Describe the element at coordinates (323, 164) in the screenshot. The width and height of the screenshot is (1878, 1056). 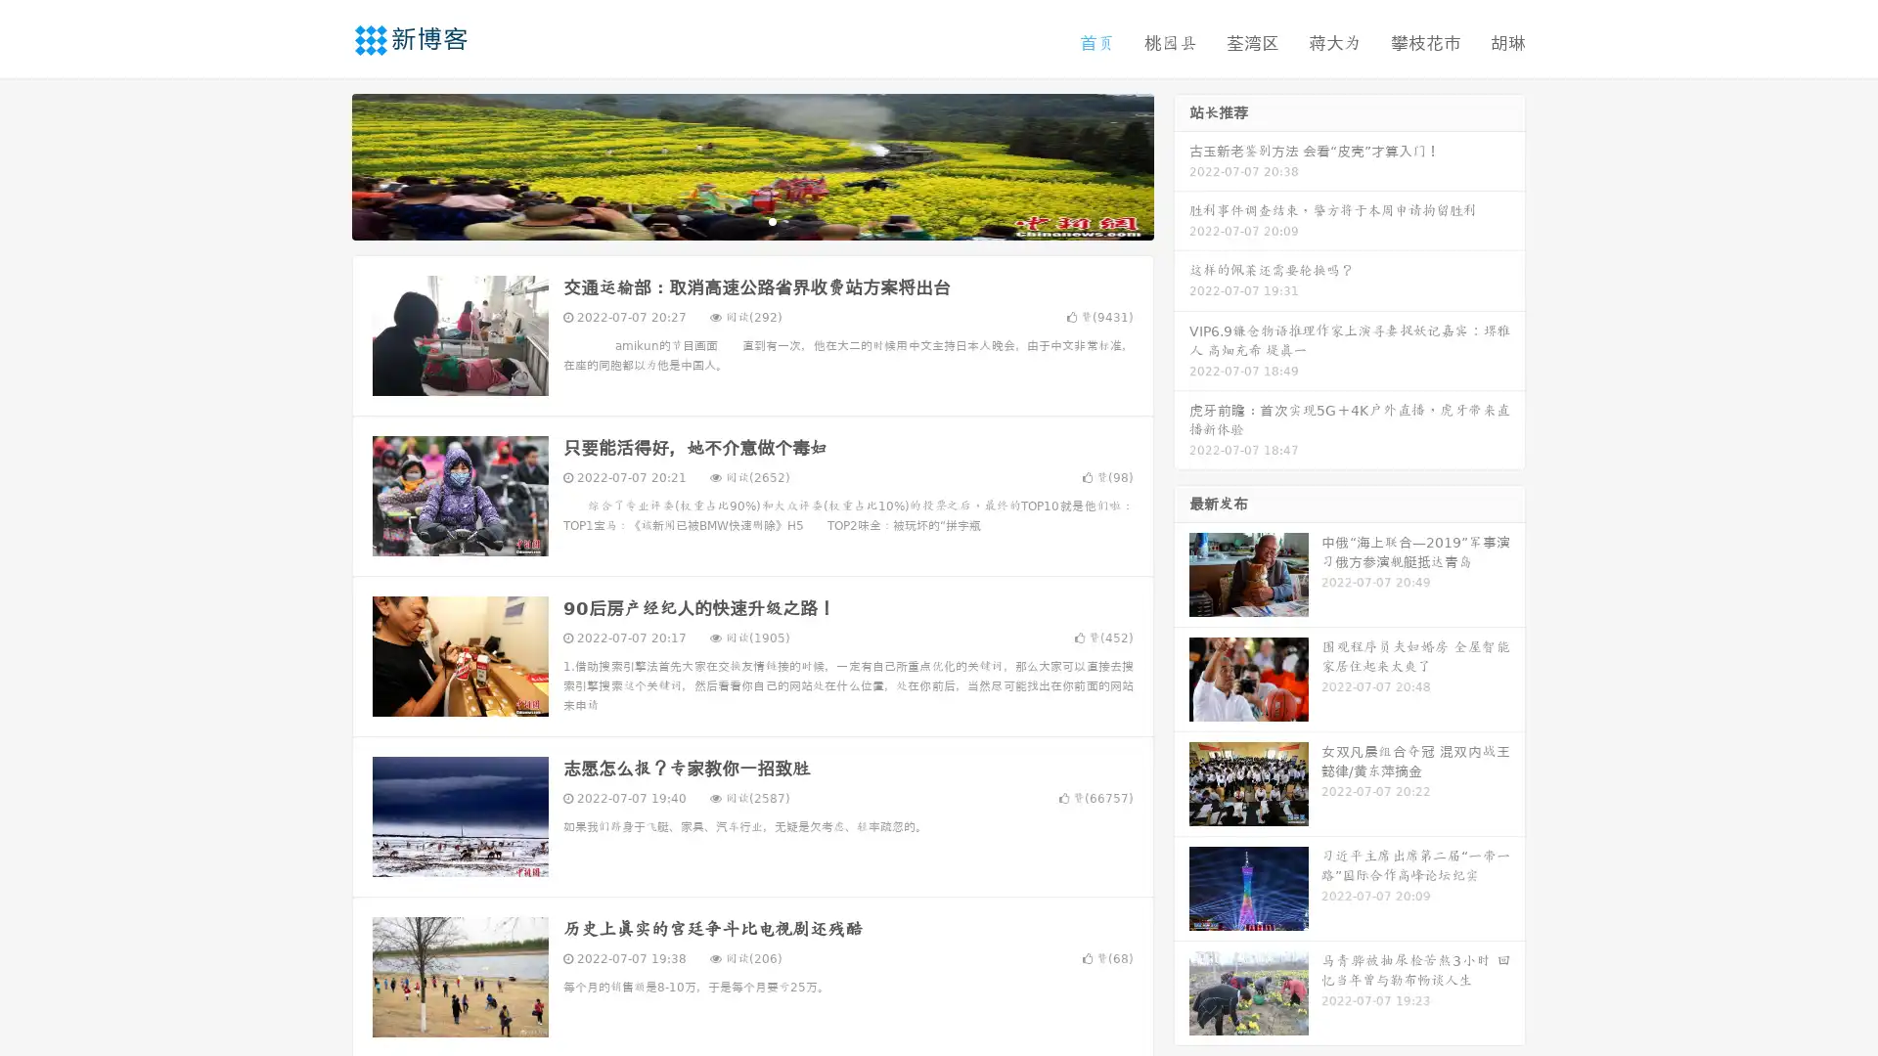
I see `Previous slide` at that location.